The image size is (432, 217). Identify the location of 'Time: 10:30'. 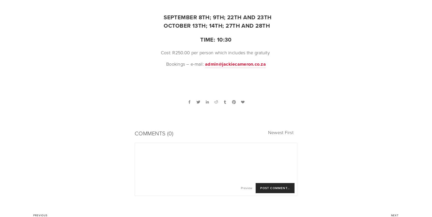
(215, 40).